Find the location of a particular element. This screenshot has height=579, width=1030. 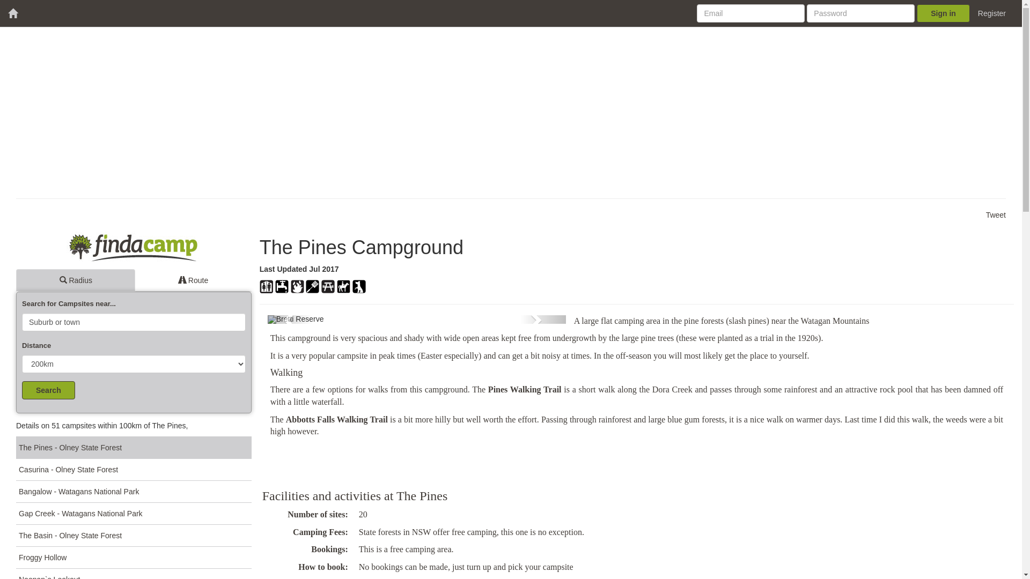

'Tweet' is located at coordinates (986, 215).